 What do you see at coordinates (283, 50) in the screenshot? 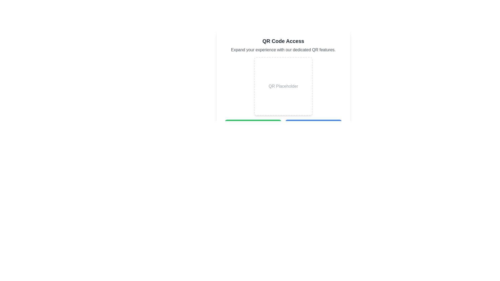
I see `the text label that reads 'Expand your experience with our dedicated QR features.' which is positioned below the bold header 'QR Code Access.'` at bounding box center [283, 50].